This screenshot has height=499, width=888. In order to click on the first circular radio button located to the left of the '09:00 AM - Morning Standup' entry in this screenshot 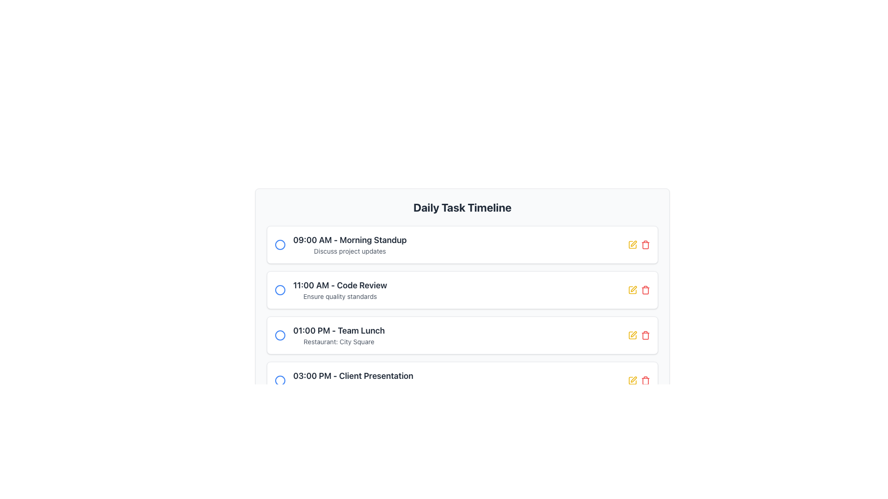, I will do `click(279, 244)`.